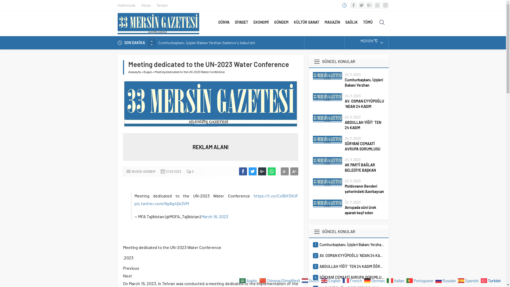 The width and height of the screenshot is (510, 287). What do you see at coordinates (192, 171) in the screenshot?
I see `'0'` at bounding box center [192, 171].